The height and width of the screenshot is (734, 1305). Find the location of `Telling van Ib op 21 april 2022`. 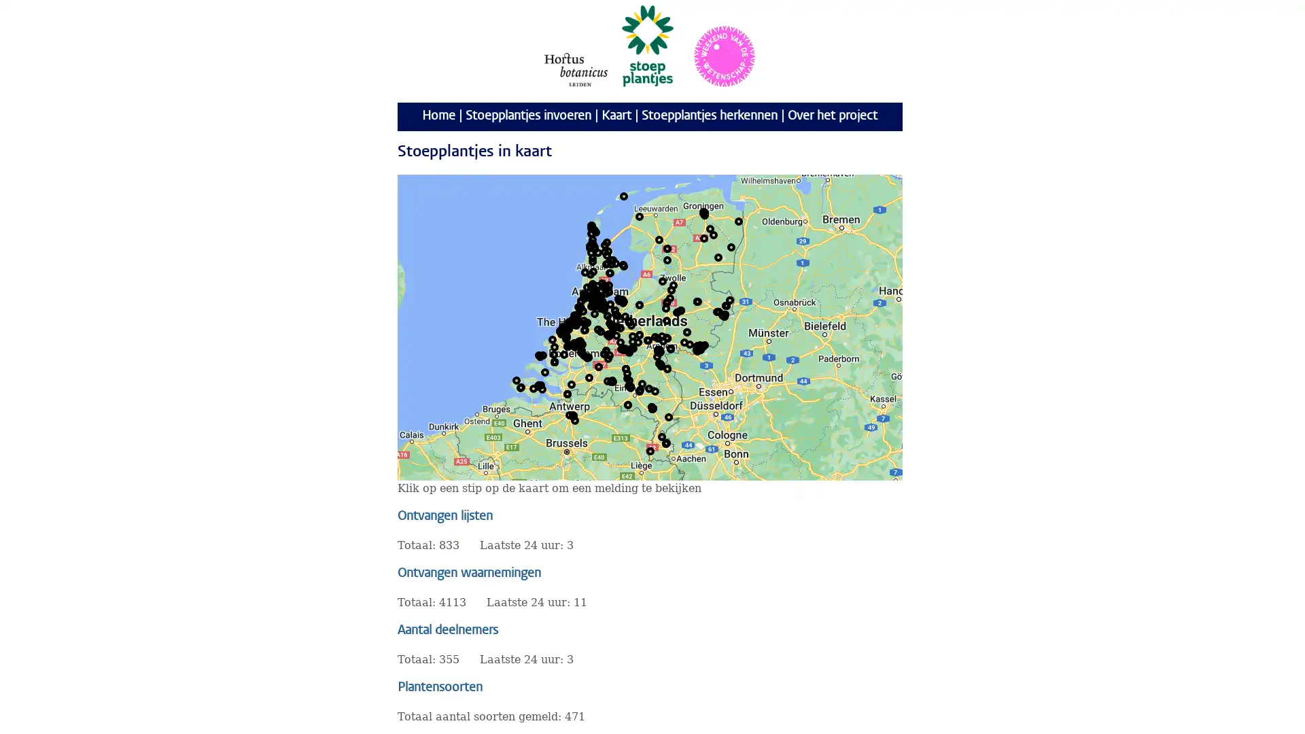

Telling van Ib op 21 april 2022 is located at coordinates (599, 298).